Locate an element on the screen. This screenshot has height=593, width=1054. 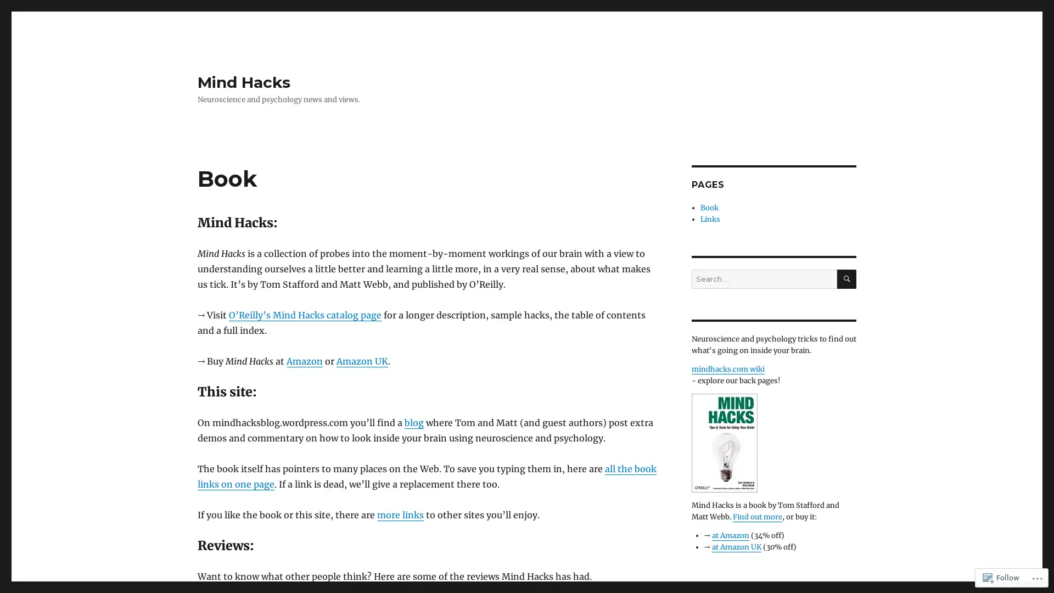
SEARCH is located at coordinates (846, 278).